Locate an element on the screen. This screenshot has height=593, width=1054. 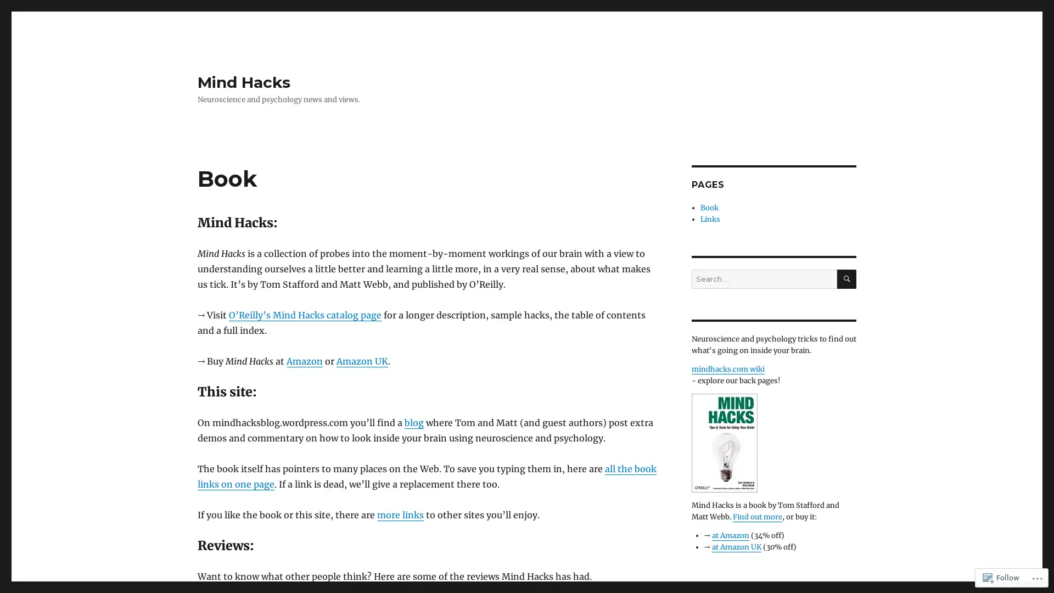
SEARCH is located at coordinates (846, 278).